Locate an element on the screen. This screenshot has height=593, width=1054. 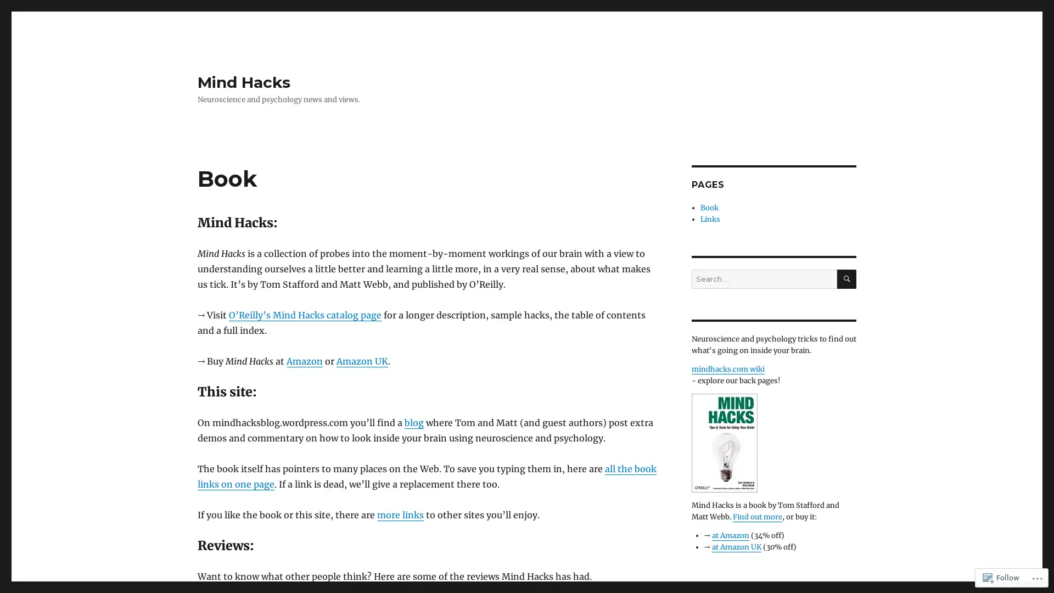
SEARCH is located at coordinates (846, 278).